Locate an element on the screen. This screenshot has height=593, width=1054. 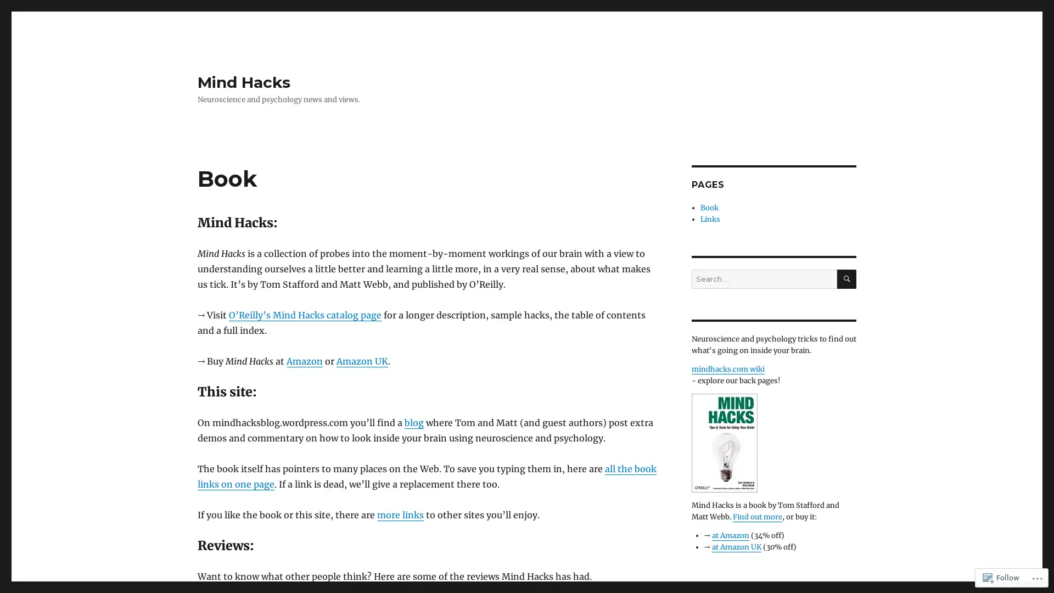
SEARCH is located at coordinates (846, 278).